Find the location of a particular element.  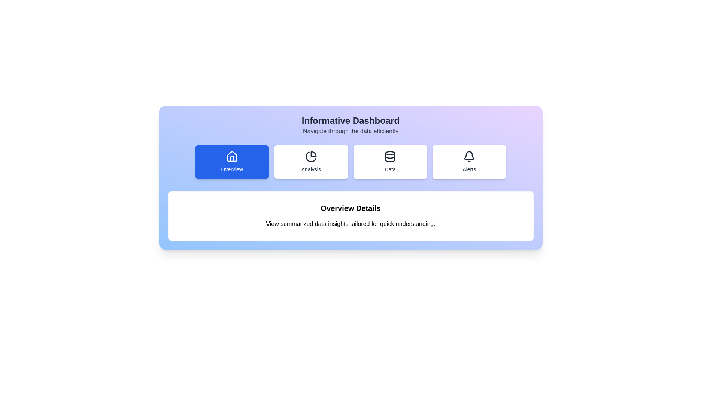

the 'Data' button, which is a rectangular UI component with a white background, shadow effects, rounded corners, and contains the label 'Data' below a stylized database icon is located at coordinates (390, 161).